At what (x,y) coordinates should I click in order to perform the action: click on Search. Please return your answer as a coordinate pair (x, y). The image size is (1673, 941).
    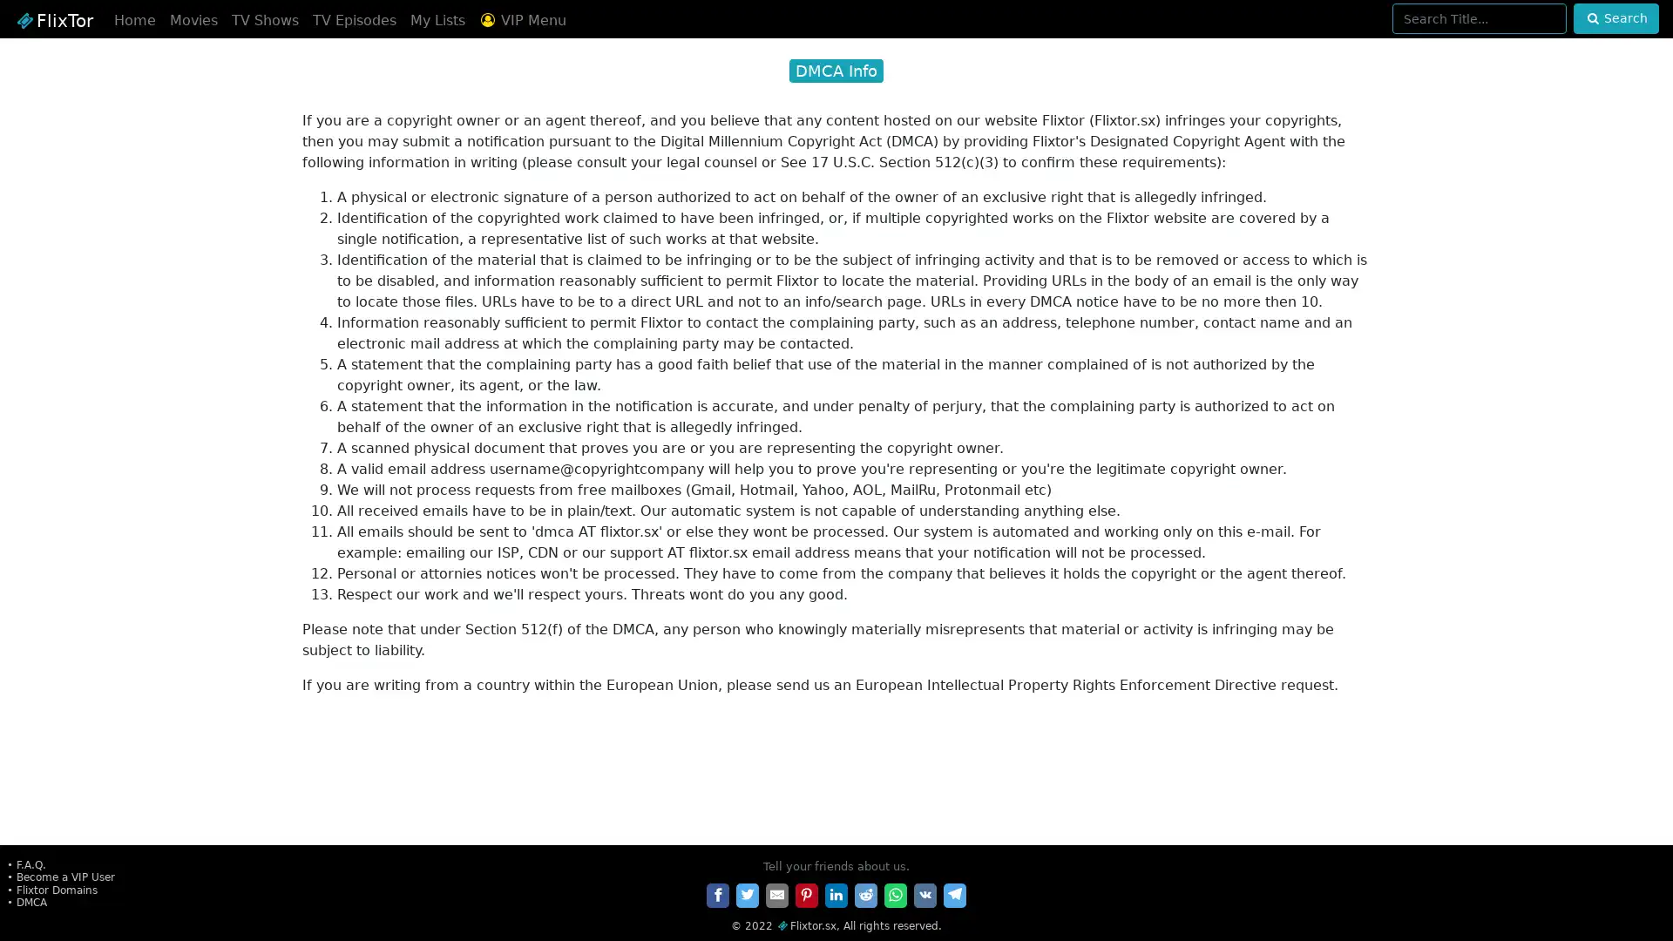
    Looking at the image, I should click on (1615, 18).